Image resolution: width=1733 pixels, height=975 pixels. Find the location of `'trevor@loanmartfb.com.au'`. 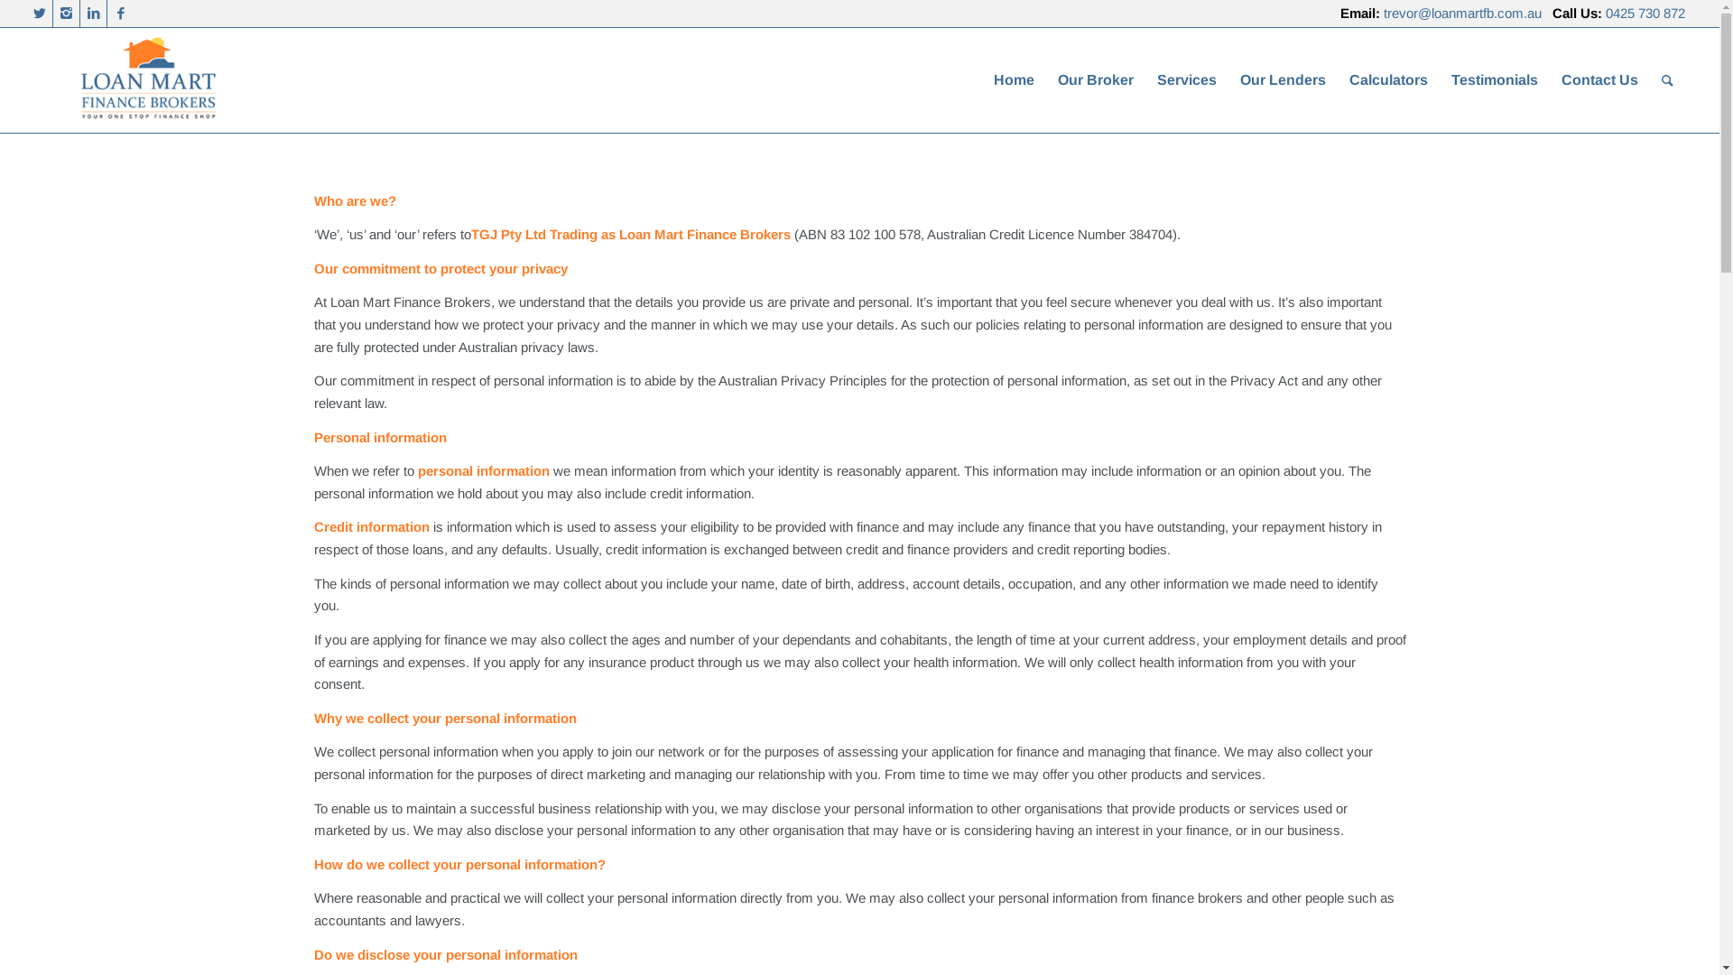

'trevor@loanmartfb.com.au' is located at coordinates (1462, 13).